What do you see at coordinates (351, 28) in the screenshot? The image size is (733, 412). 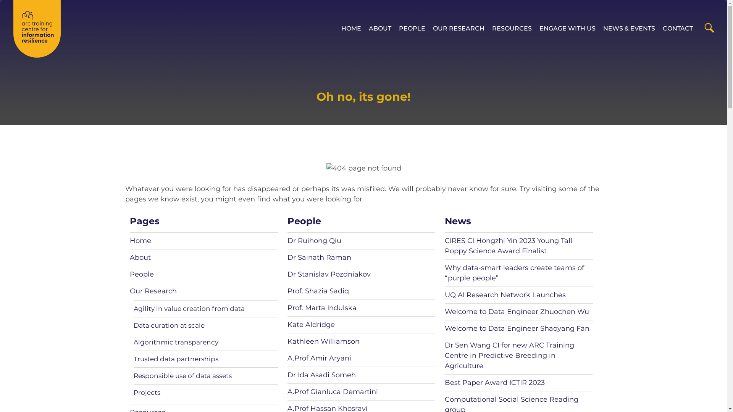 I see `'HOME'` at bounding box center [351, 28].